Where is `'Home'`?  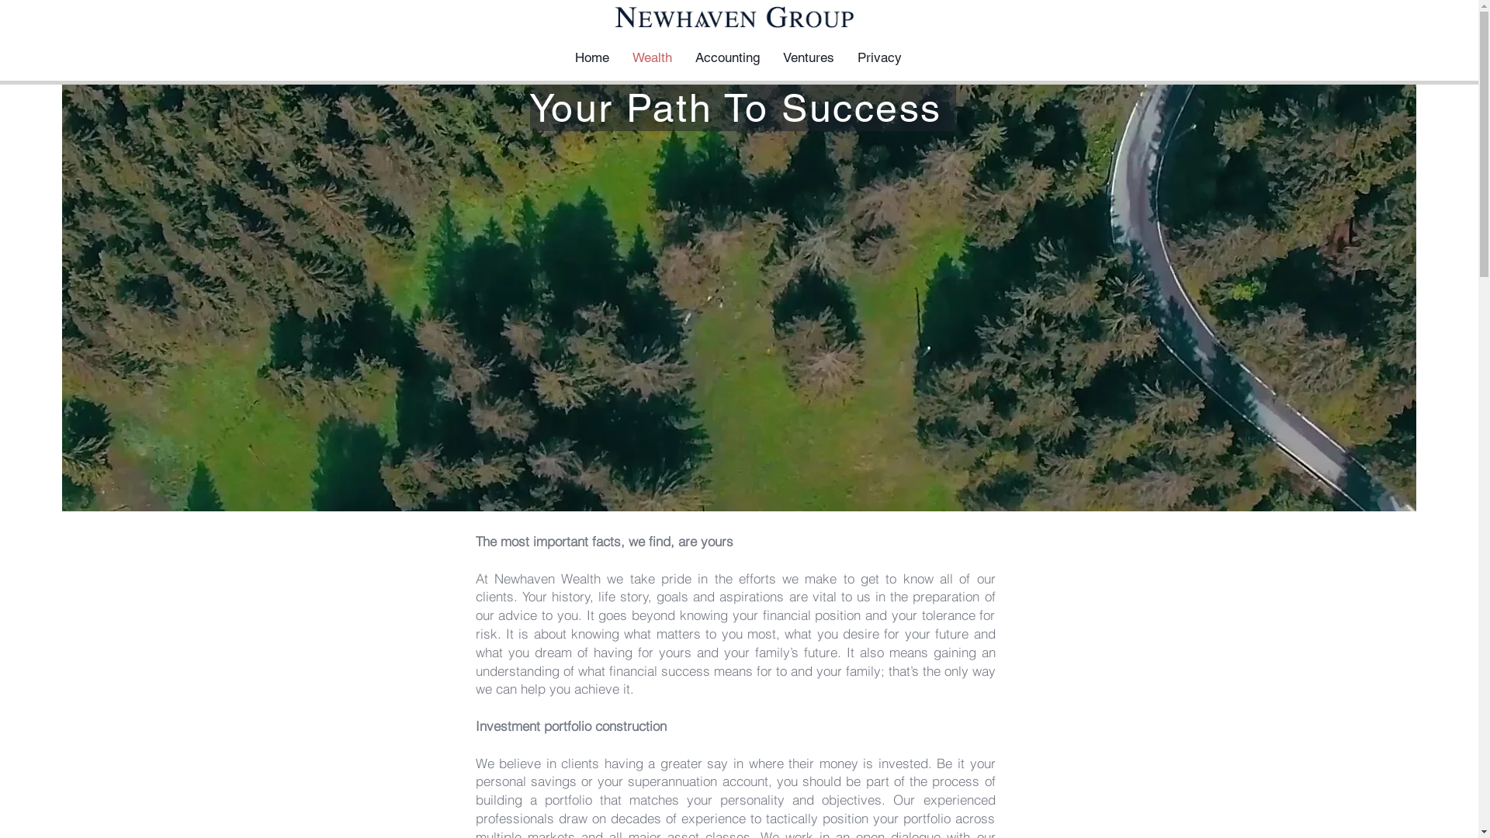 'Home' is located at coordinates (591, 56).